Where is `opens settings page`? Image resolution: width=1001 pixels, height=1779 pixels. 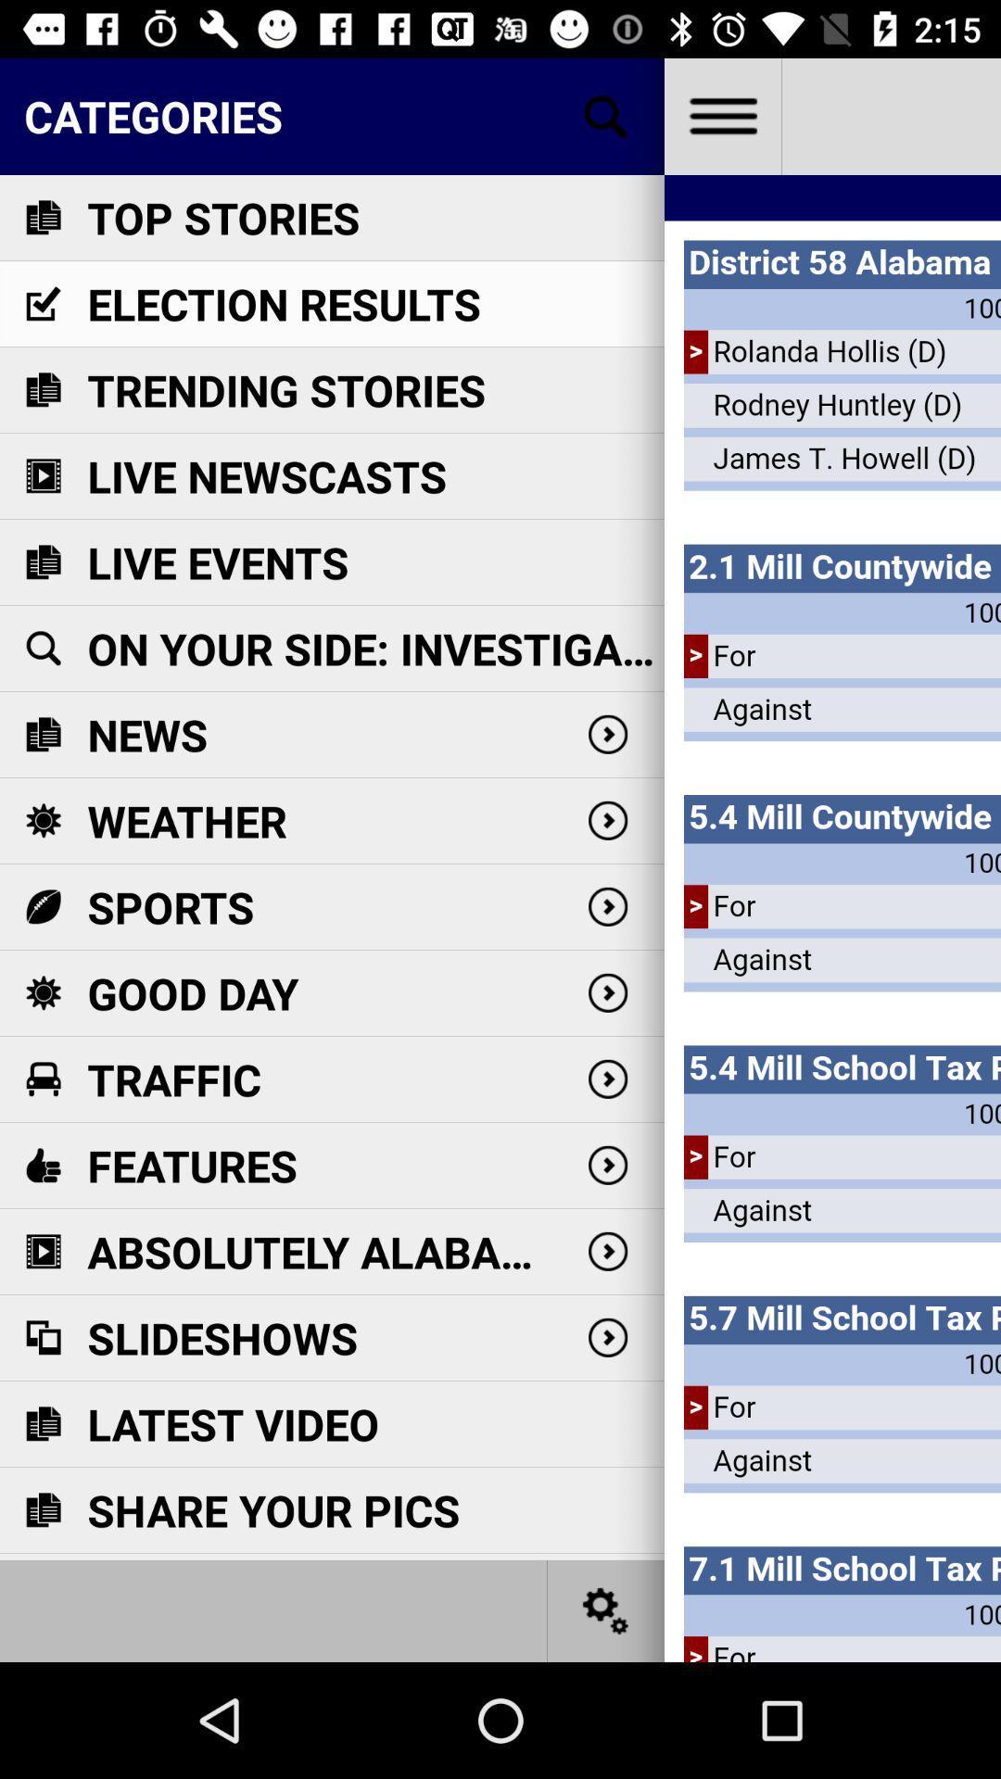 opens settings page is located at coordinates (606, 1609).